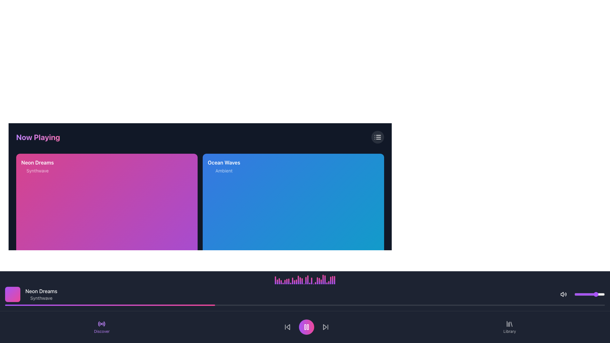 Image resolution: width=610 pixels, height=343 pixels. What do you see at coordinates (600, 294) in the screenshot?
I see `the volume` at bounding box center [600, 294].